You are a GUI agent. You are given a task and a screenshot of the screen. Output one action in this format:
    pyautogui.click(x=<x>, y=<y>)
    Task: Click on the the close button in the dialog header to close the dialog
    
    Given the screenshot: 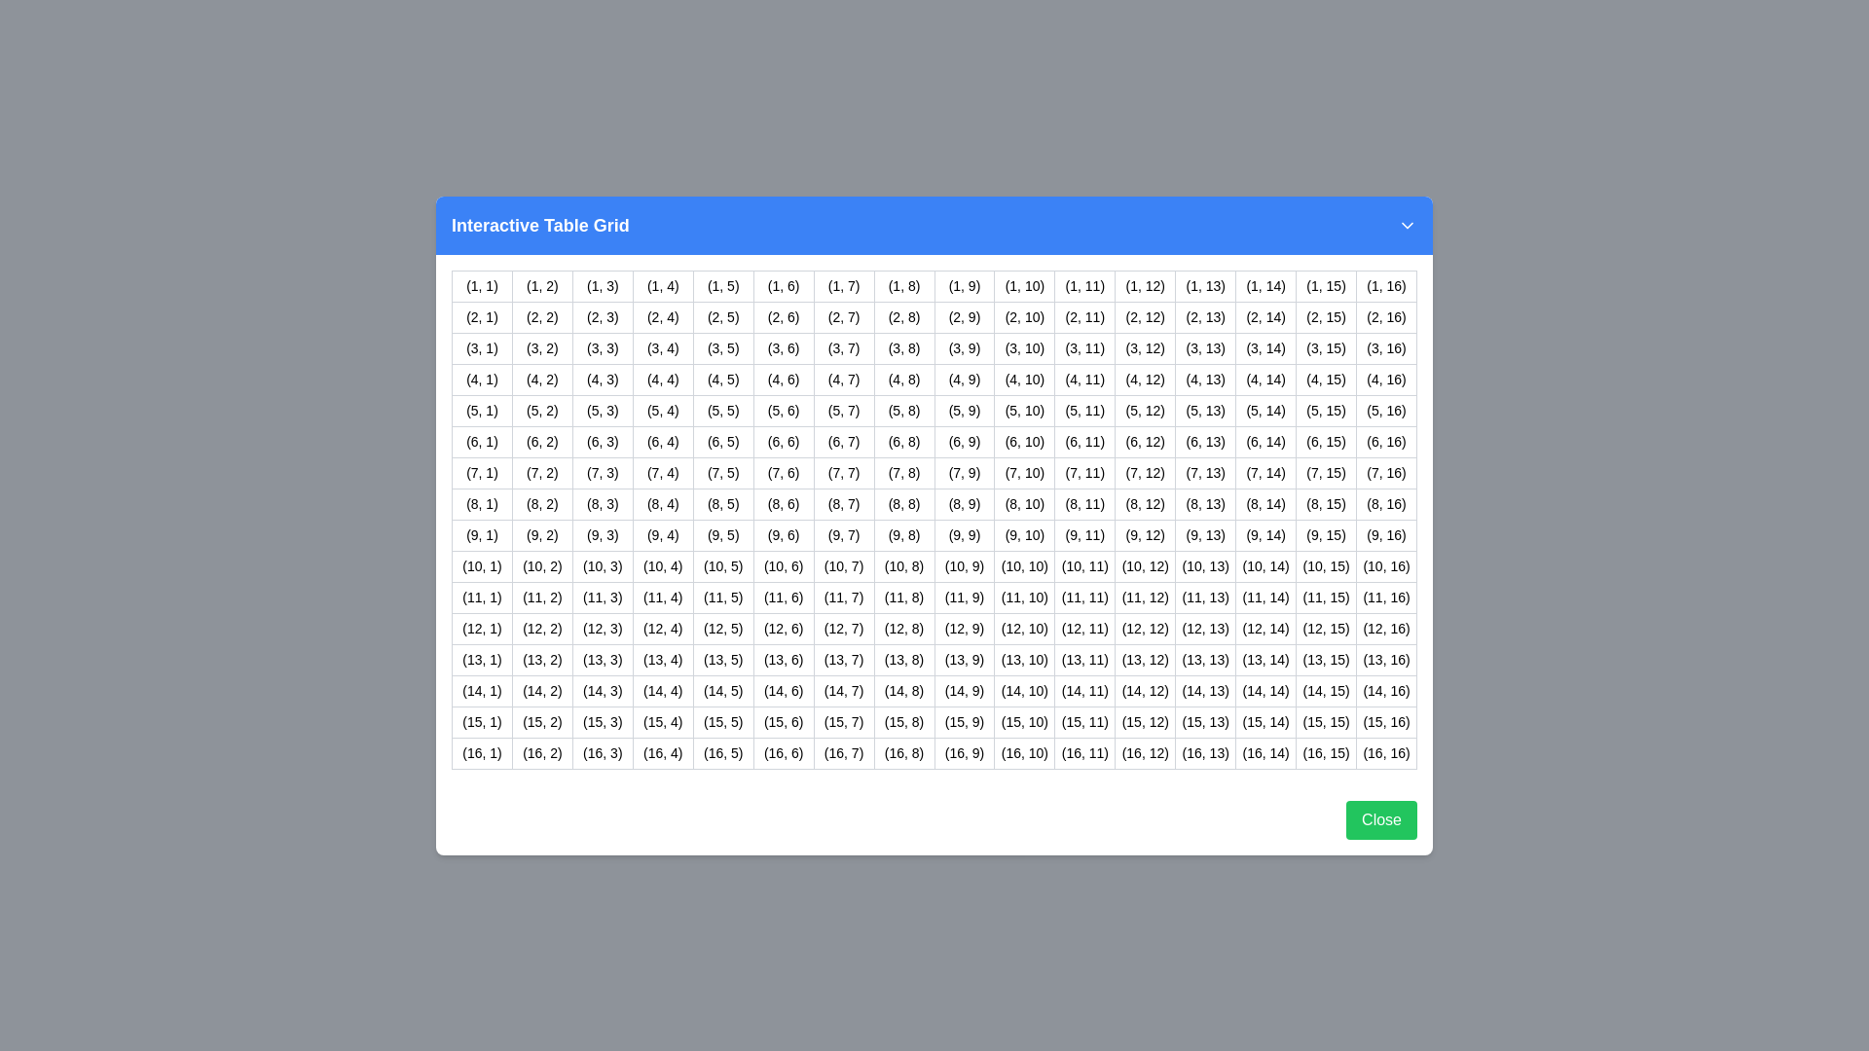 What is the action you would take?
    pyautogui.click(x=1407, y=224)
    